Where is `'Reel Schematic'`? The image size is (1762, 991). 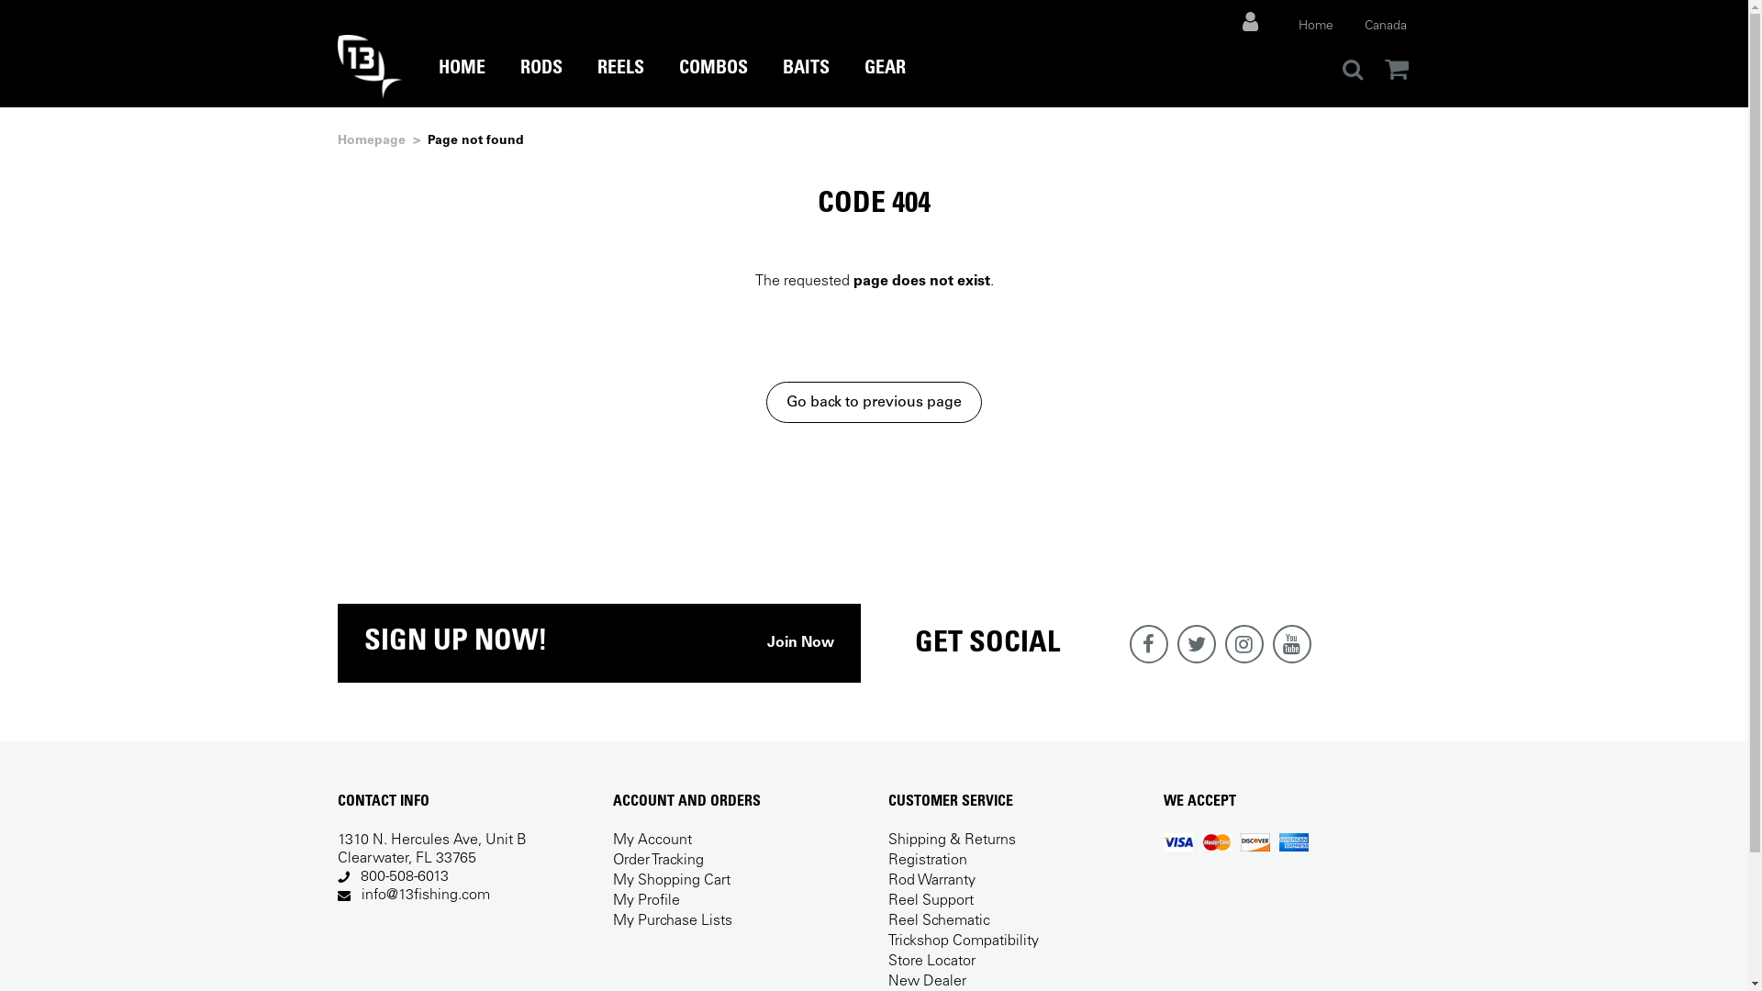 'Reel Schematic' is located at coordinates (939, 920).